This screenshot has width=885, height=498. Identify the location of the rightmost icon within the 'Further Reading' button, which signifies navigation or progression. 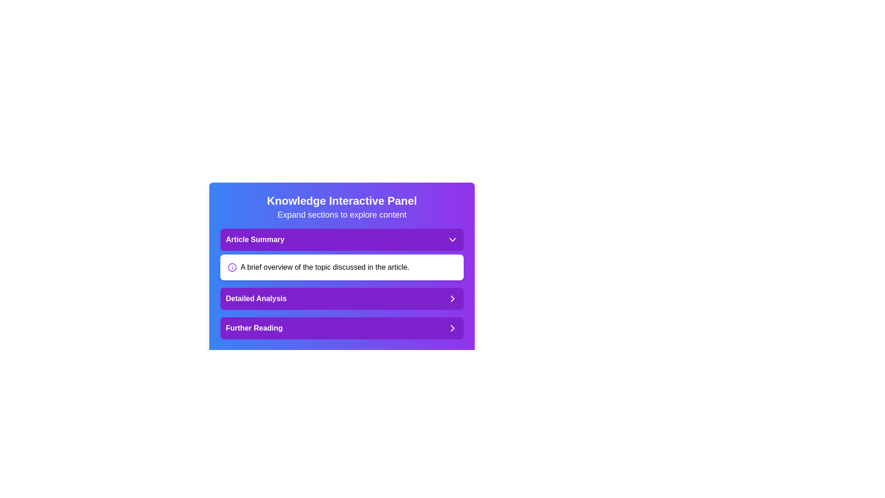
(453, 328).